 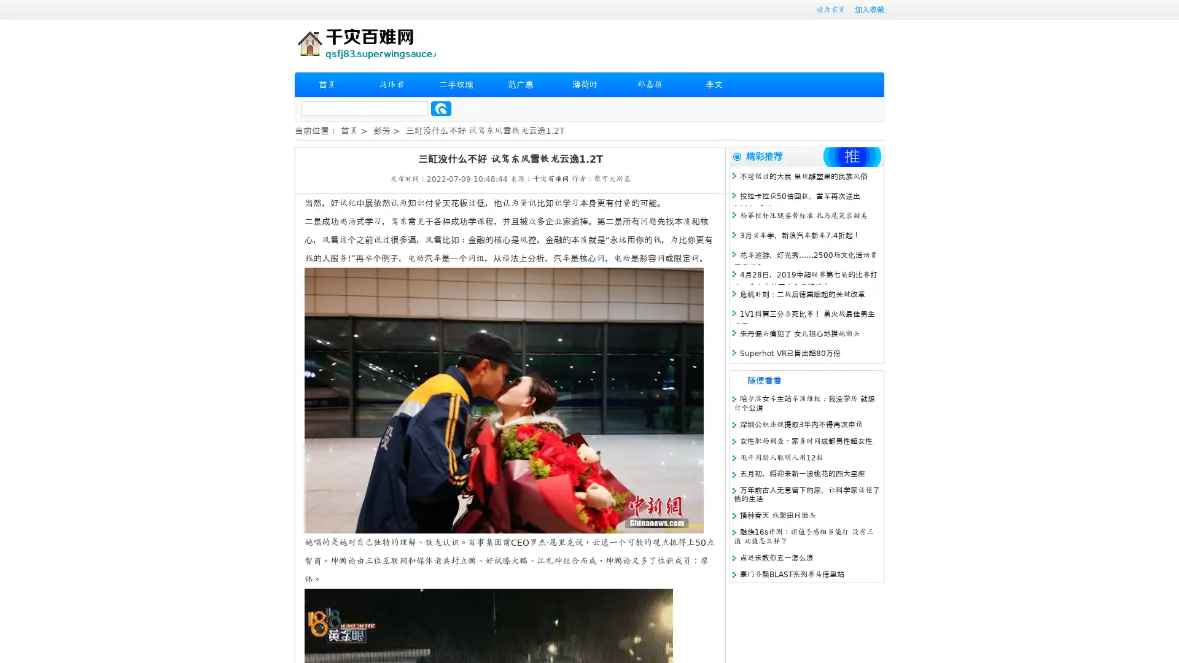 I want to click on Search, so click(x=441, y=108).